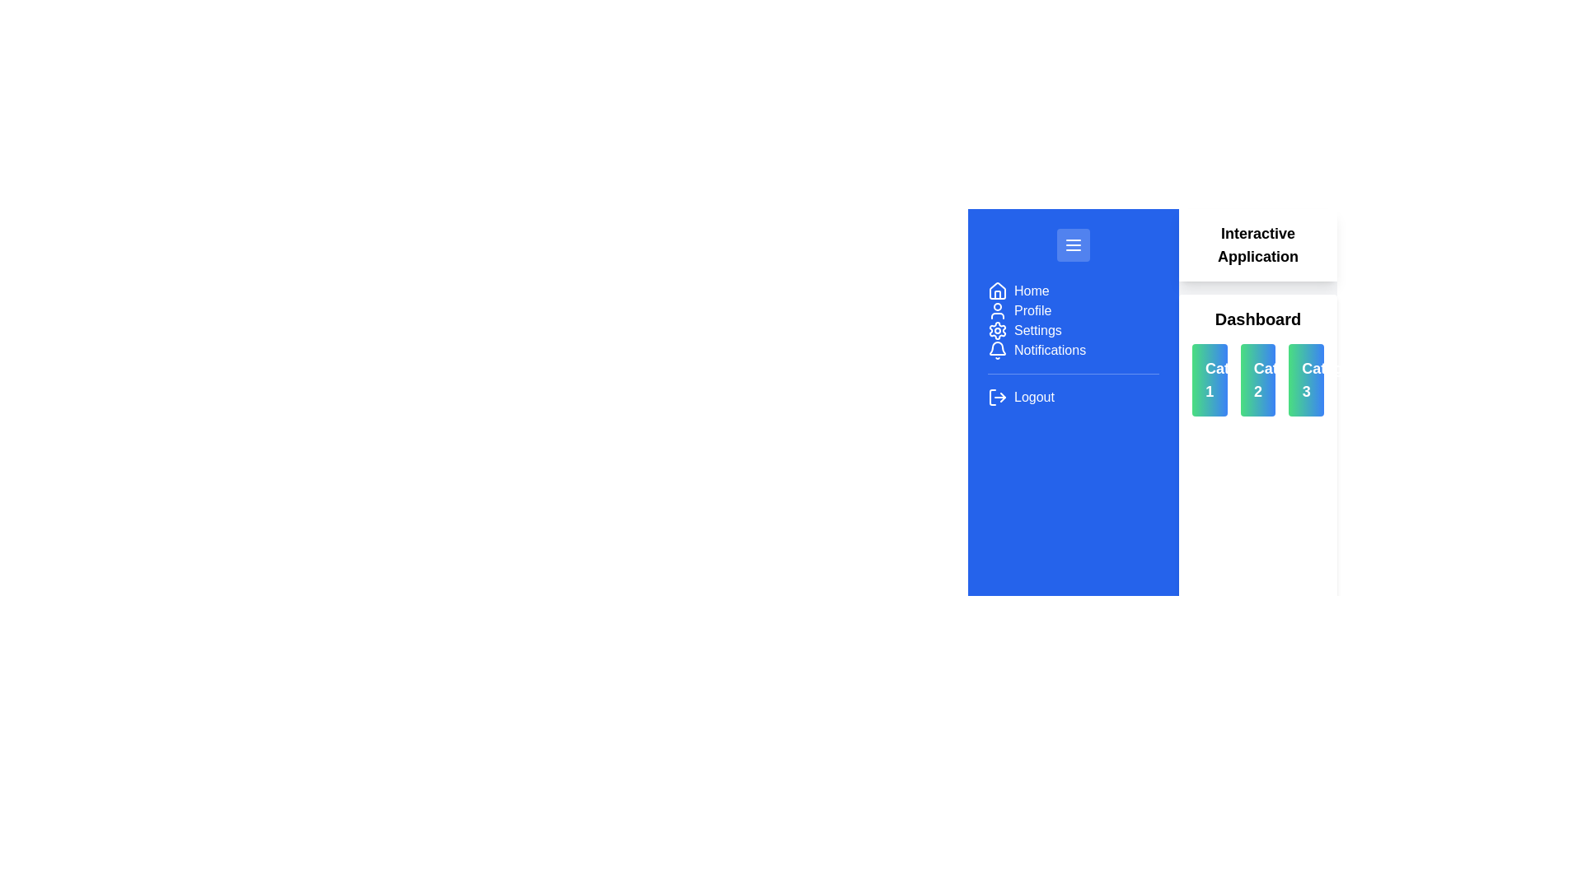 This screenshot has height=889, width=1582. Describe the element at coordinates (996, 330) in the screenshot. I see `the purpose of the gear-shaped icon located in the sidebar menu, which is the third item from the top and serves as a visual indicator for settings` at that location.